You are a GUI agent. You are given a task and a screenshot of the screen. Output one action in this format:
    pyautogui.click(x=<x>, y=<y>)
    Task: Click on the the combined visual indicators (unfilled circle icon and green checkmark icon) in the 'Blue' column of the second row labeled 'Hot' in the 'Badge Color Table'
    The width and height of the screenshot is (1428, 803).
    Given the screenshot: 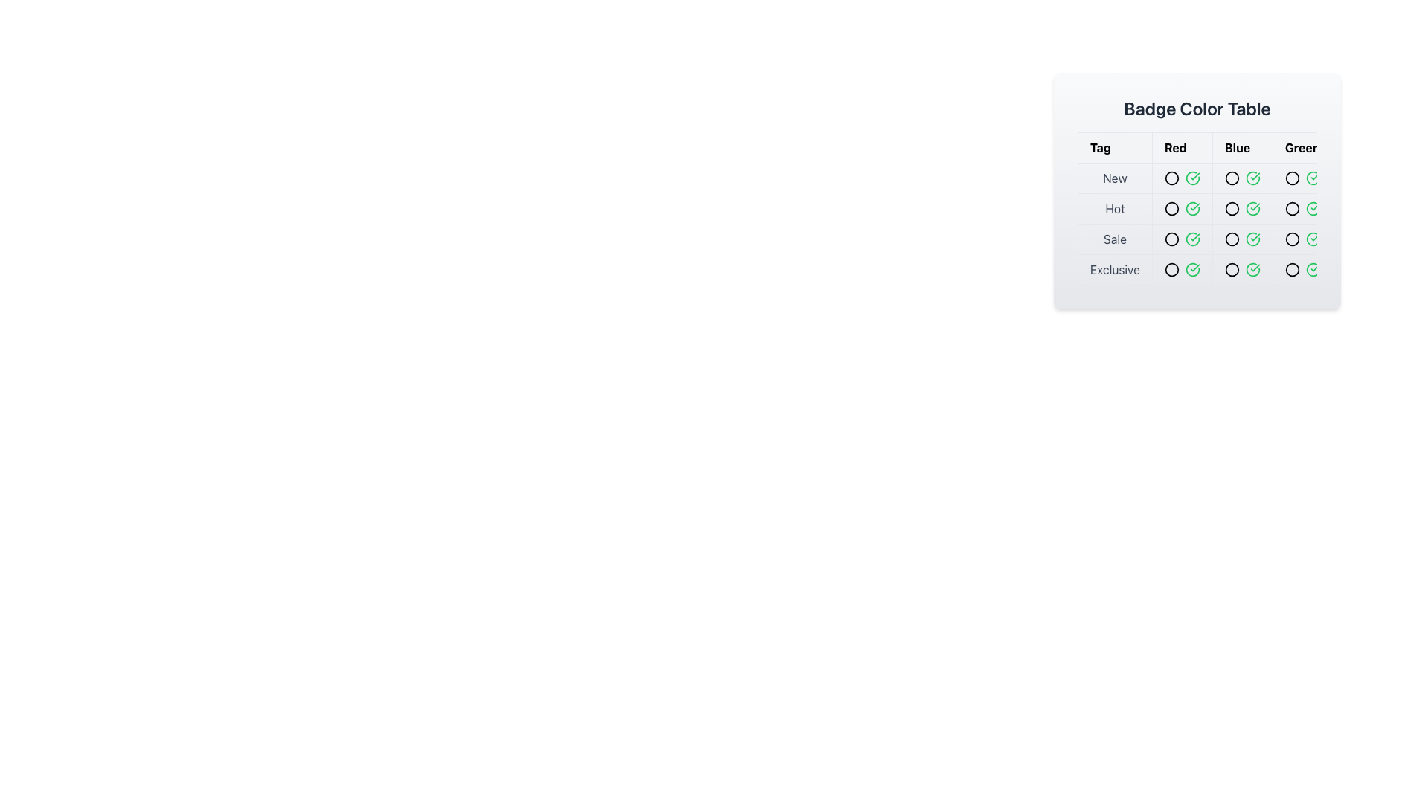 What is the action you would take?
    pyautogui.click(x=1242, y=209)
    